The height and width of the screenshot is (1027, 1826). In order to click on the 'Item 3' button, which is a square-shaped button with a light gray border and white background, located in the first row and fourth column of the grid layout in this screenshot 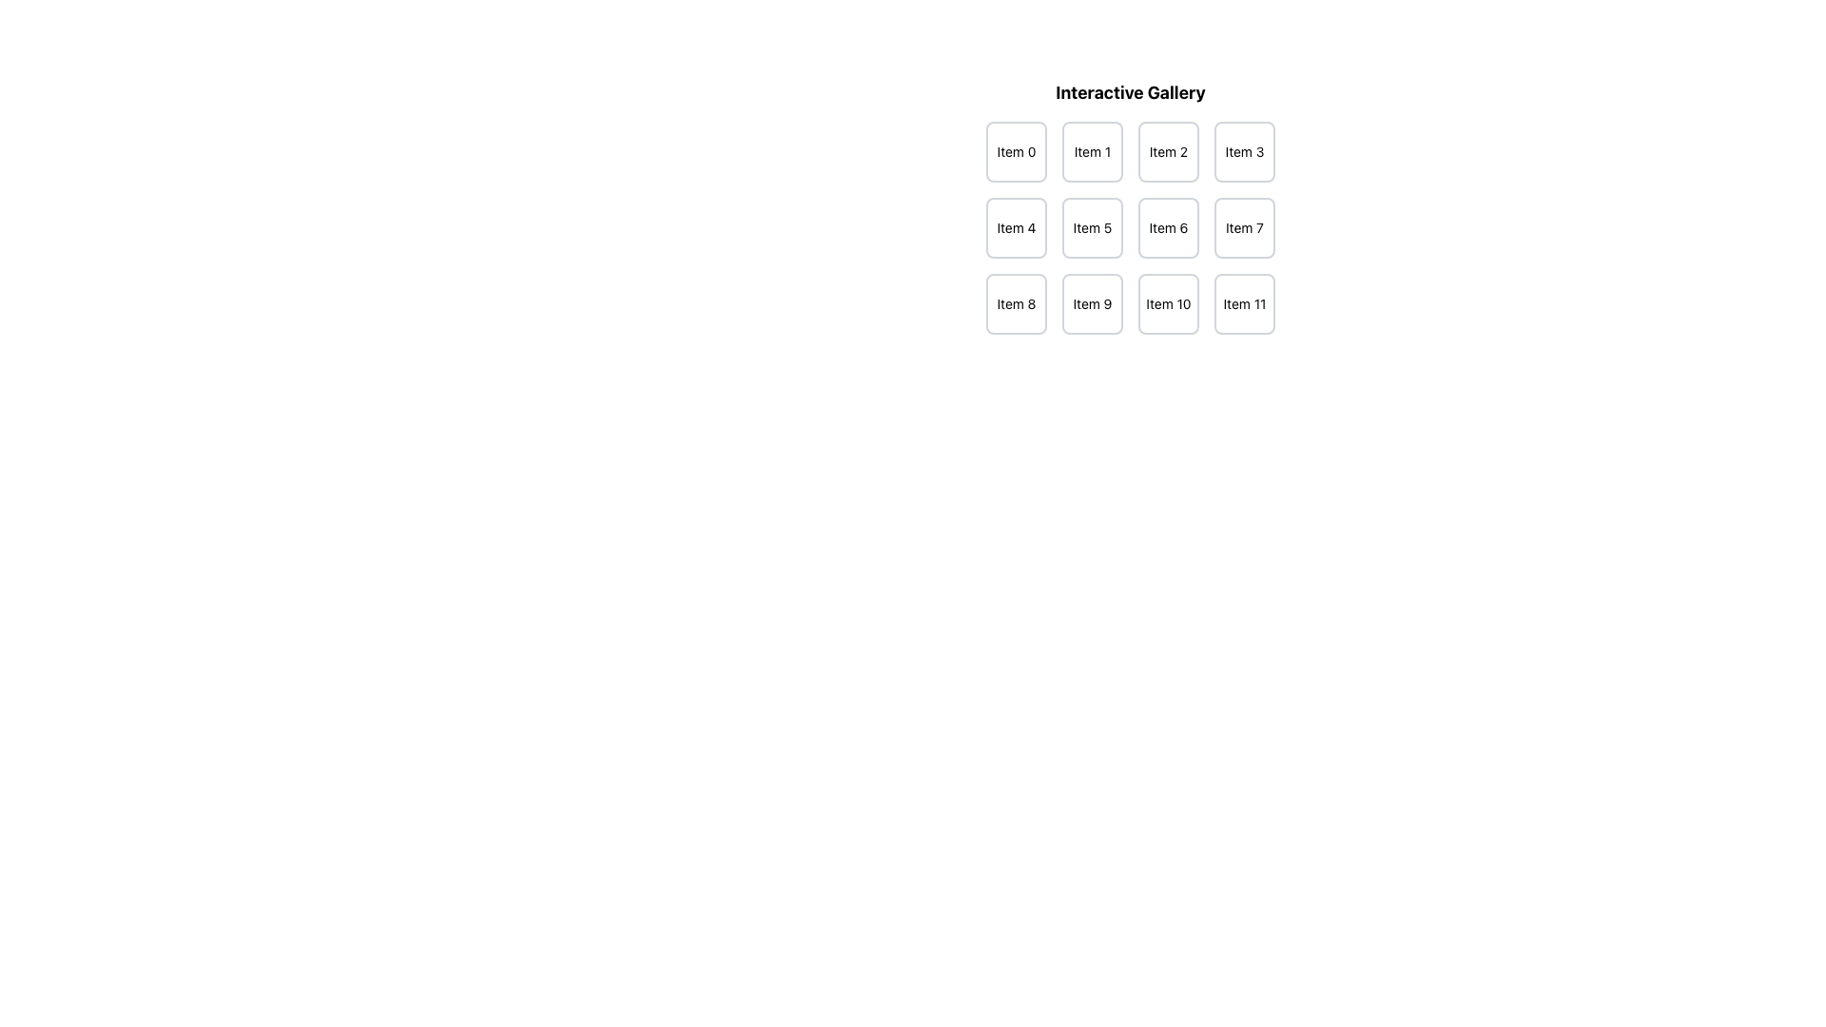, I will do `click(1245, 150)`.